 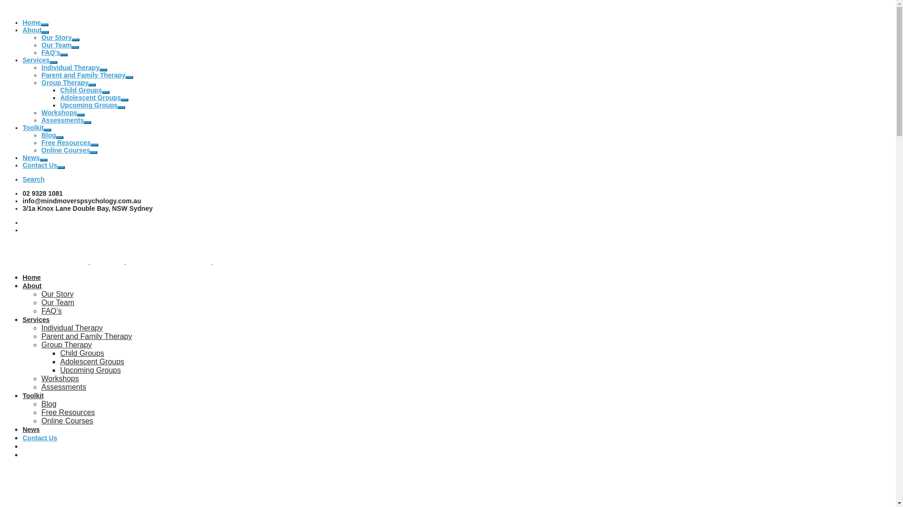 I want to click on 'Parent and Family Therapy', so click(x=87, y=336).